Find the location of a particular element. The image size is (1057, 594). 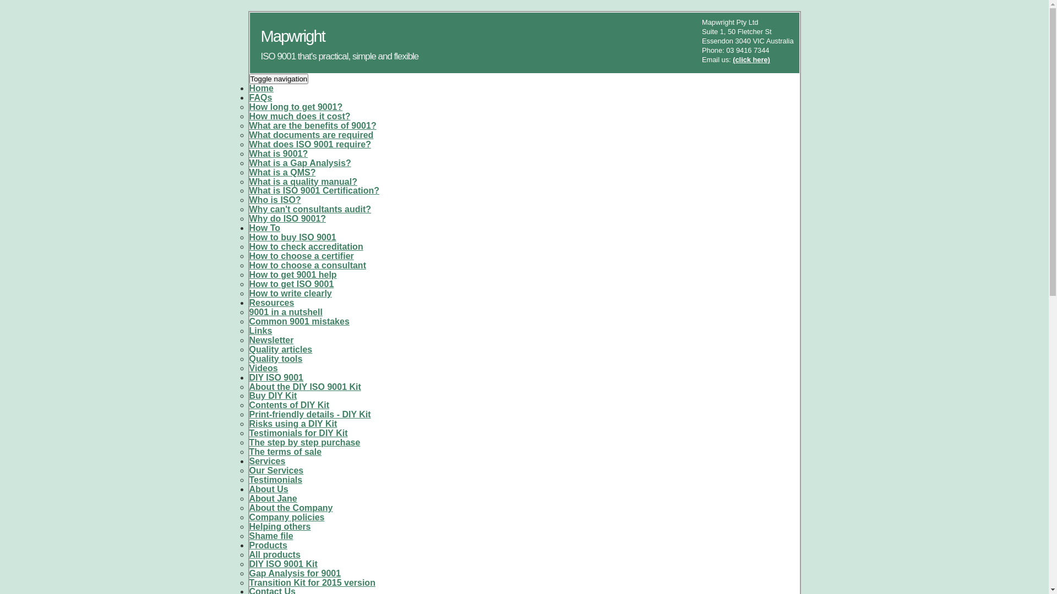

'Shame file' is located at coordinates (270, 535).